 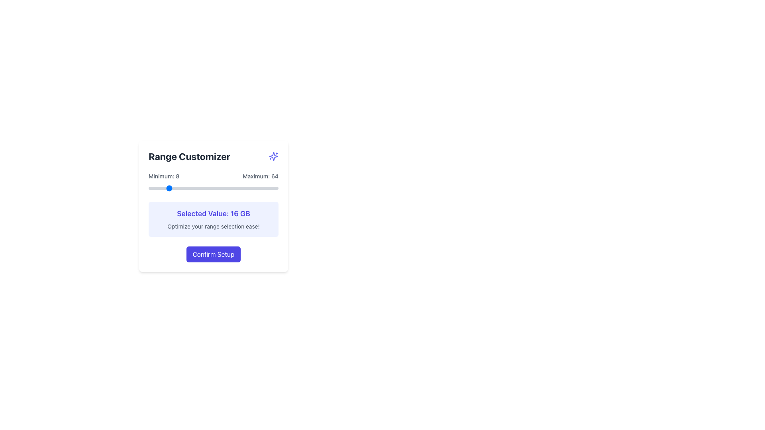 What do you see at coordinates (218, 188) in the screenshot?
I see `the slider value` at bounding box center [218, 188].